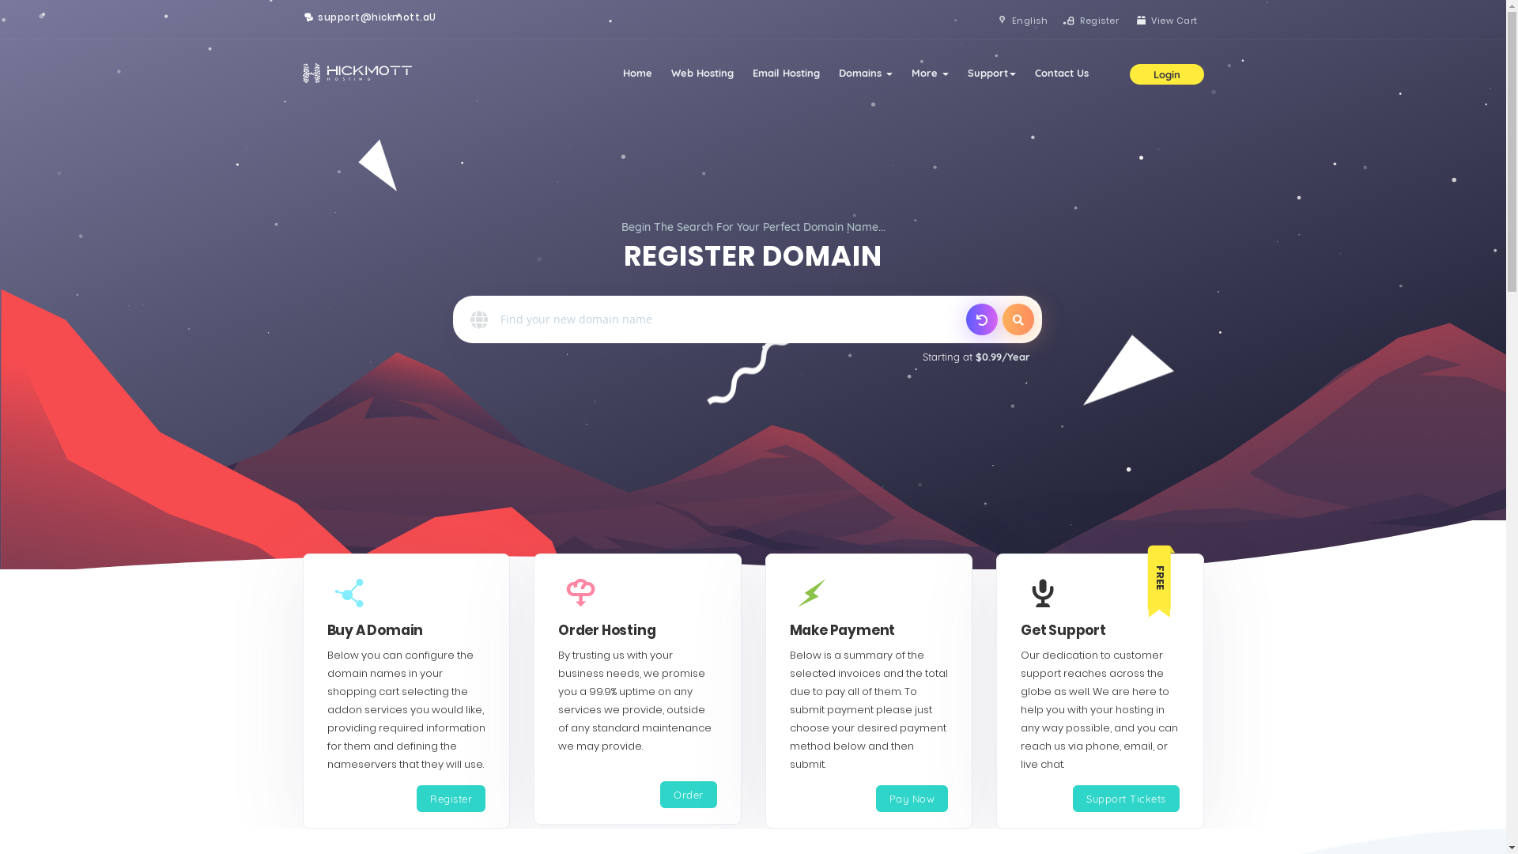 This screenshot has width=1518, height=854. Describe the element at coordinates (688, 795) in the screenshot. I see `'Order'` at that location.